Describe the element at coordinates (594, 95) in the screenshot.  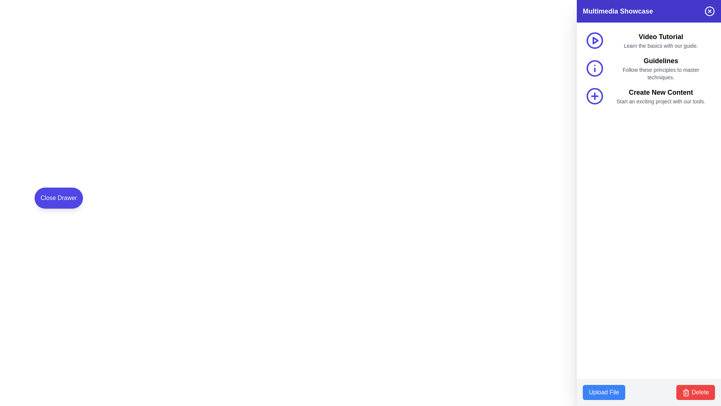
I see `the circular part of the blue 'Plus' icon, which is the third icon in a vertical list in the sidebar on the right, located below the 'Video Tutorial' and 'Guidelines' icons` at that location.